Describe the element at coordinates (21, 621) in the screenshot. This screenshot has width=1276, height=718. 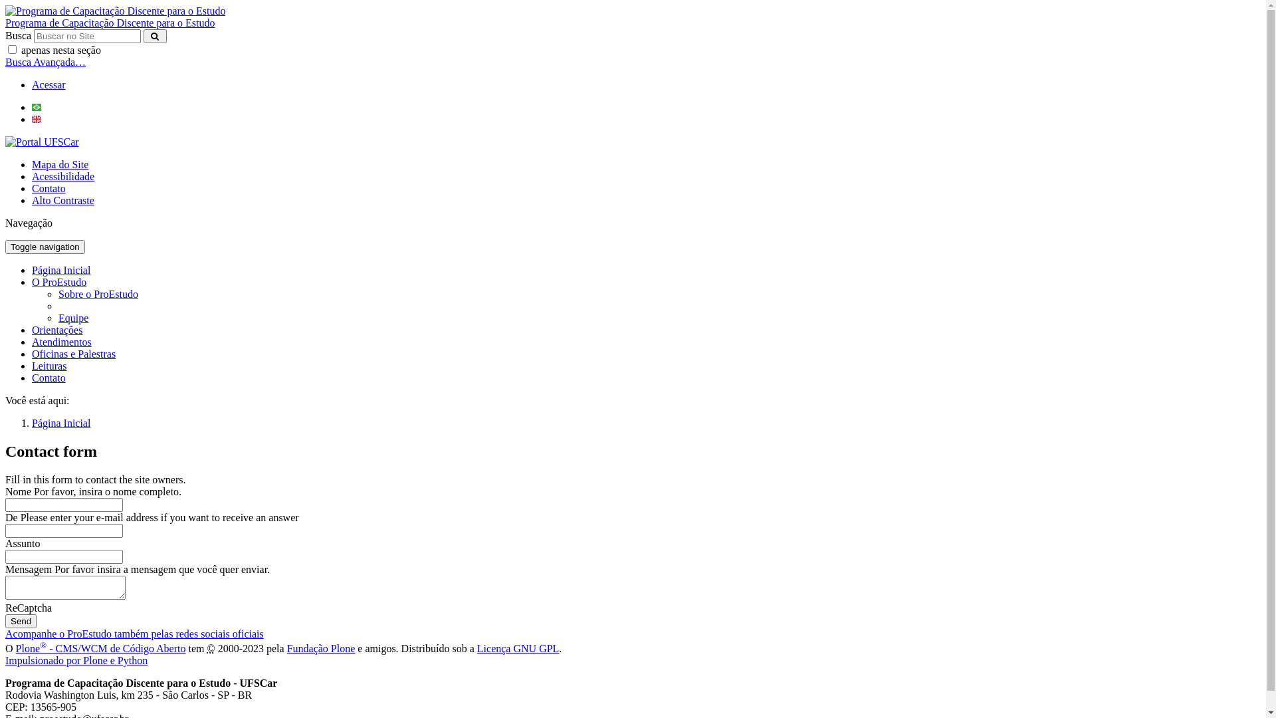
I see `'Send'` at that location.